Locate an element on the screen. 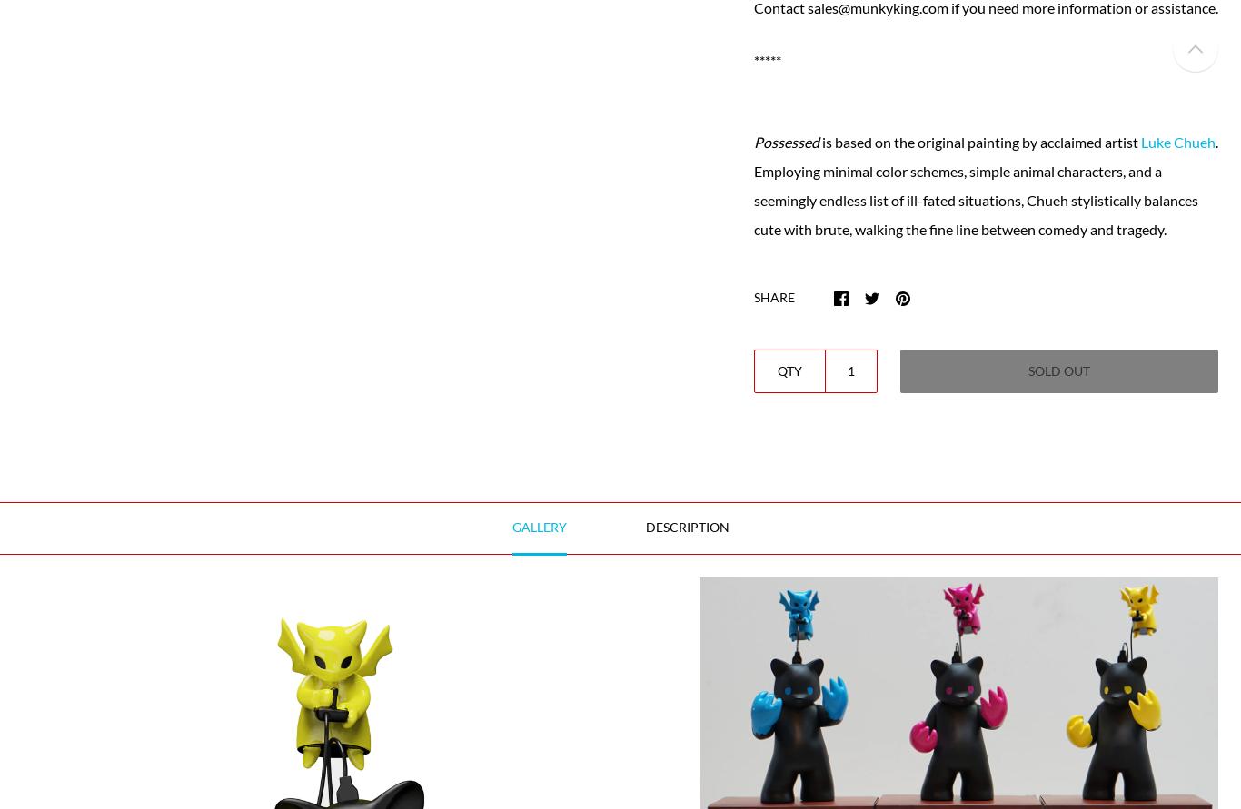 Image resolution: width=1241 pixels, height=809 pixels. 'Possessed' is located at coordinates (752, 140).